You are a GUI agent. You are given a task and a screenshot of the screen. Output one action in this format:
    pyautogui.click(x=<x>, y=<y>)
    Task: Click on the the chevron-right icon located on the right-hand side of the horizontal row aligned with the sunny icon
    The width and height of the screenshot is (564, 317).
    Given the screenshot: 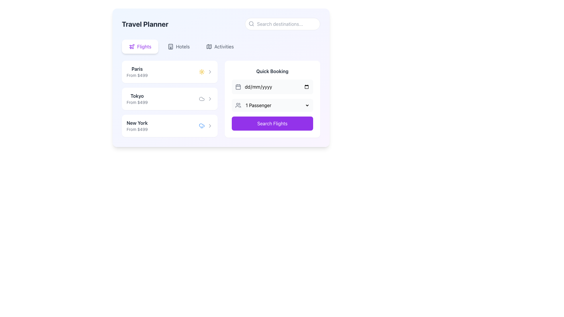 What is the action you would take?
    pyautogui.click(x=210, y=72)
    